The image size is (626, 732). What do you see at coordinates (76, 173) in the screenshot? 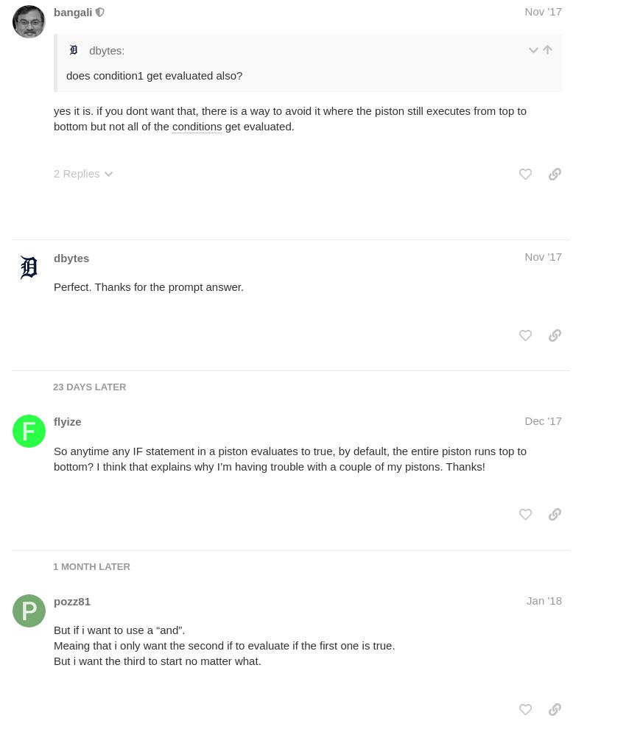
I see `'2 Replies'` at bounding box center [76, 173].